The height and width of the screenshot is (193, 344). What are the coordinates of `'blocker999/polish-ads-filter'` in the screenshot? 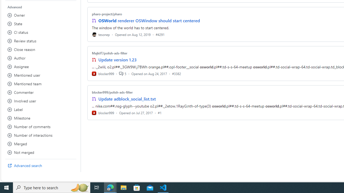 It's located at (112, 92).